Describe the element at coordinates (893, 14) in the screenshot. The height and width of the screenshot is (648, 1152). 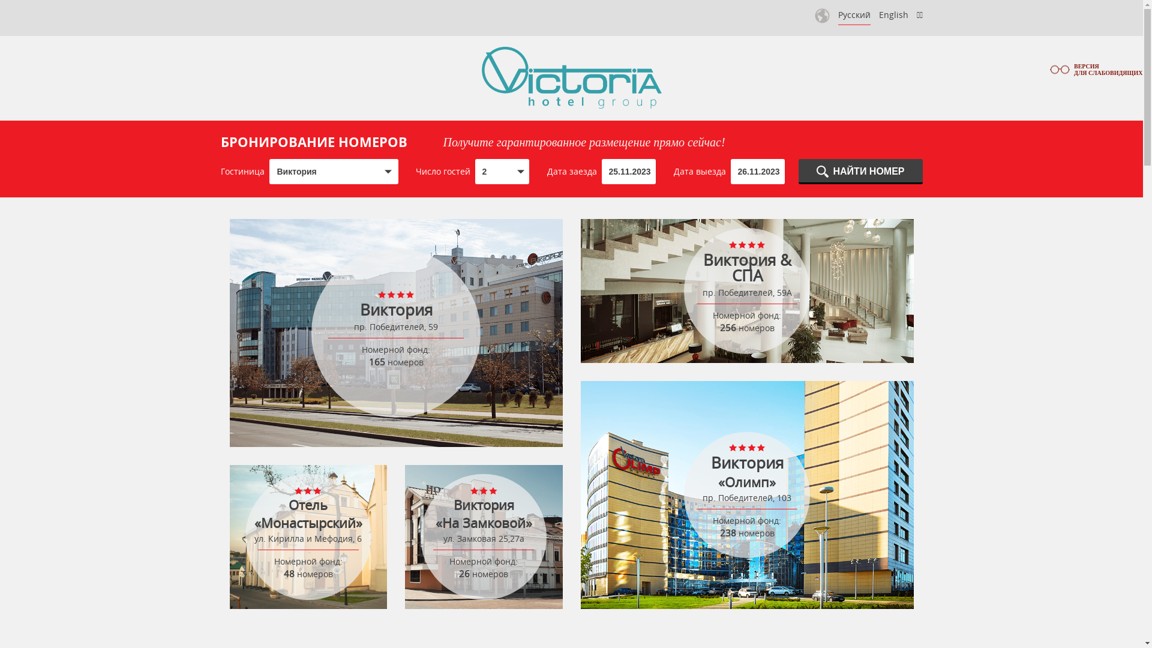
I see `'English'` at that location.